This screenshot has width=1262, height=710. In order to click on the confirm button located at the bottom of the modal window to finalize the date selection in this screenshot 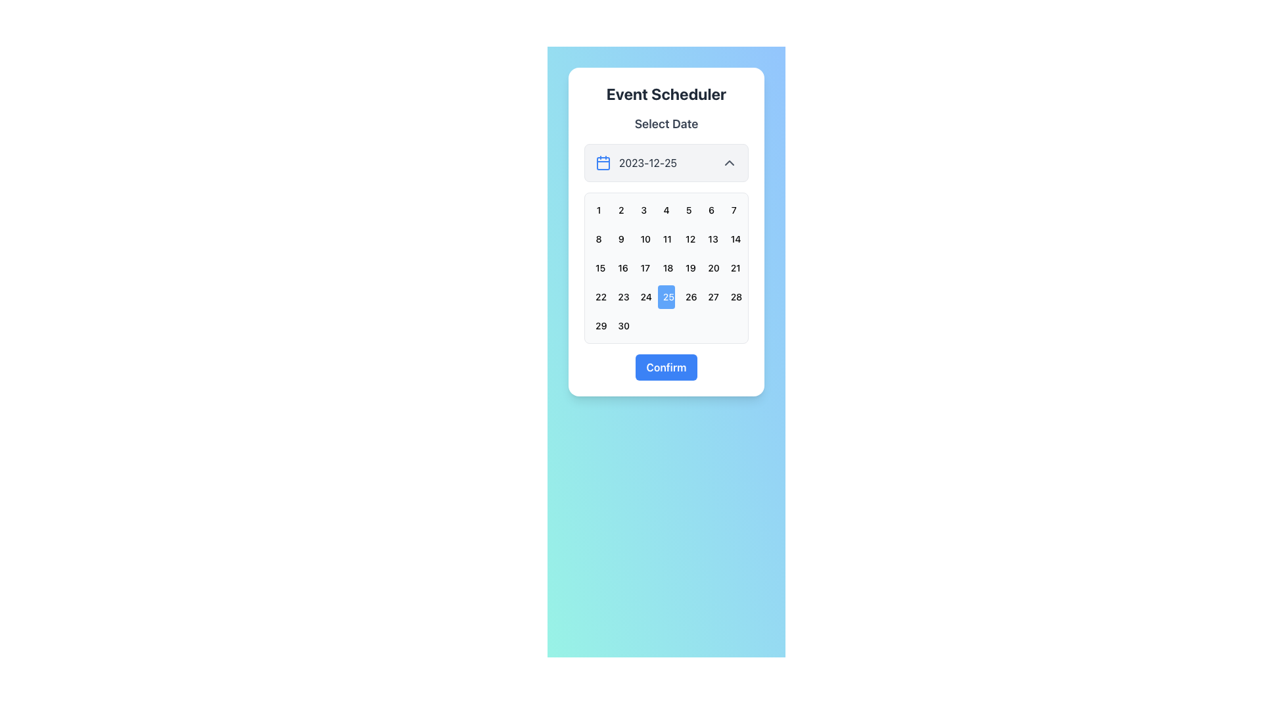, I will do `click(666, 367)`.